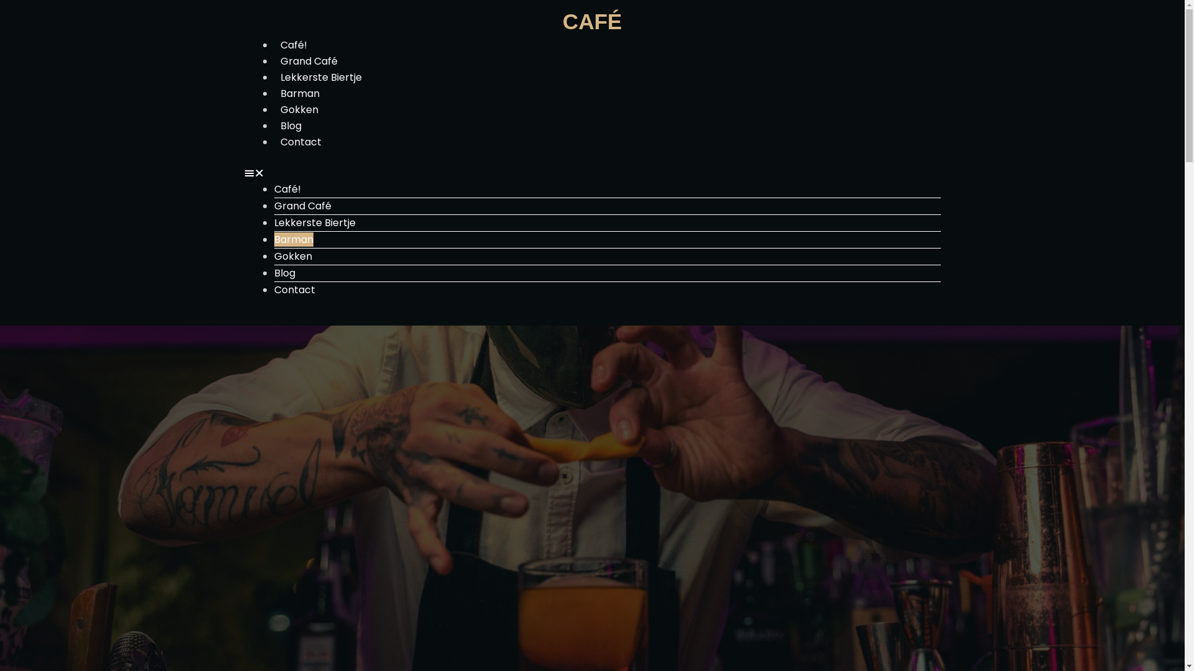 The width and height of the screenshot is (1194, 671). I want to click on 'Gokken', so click(298, 109).